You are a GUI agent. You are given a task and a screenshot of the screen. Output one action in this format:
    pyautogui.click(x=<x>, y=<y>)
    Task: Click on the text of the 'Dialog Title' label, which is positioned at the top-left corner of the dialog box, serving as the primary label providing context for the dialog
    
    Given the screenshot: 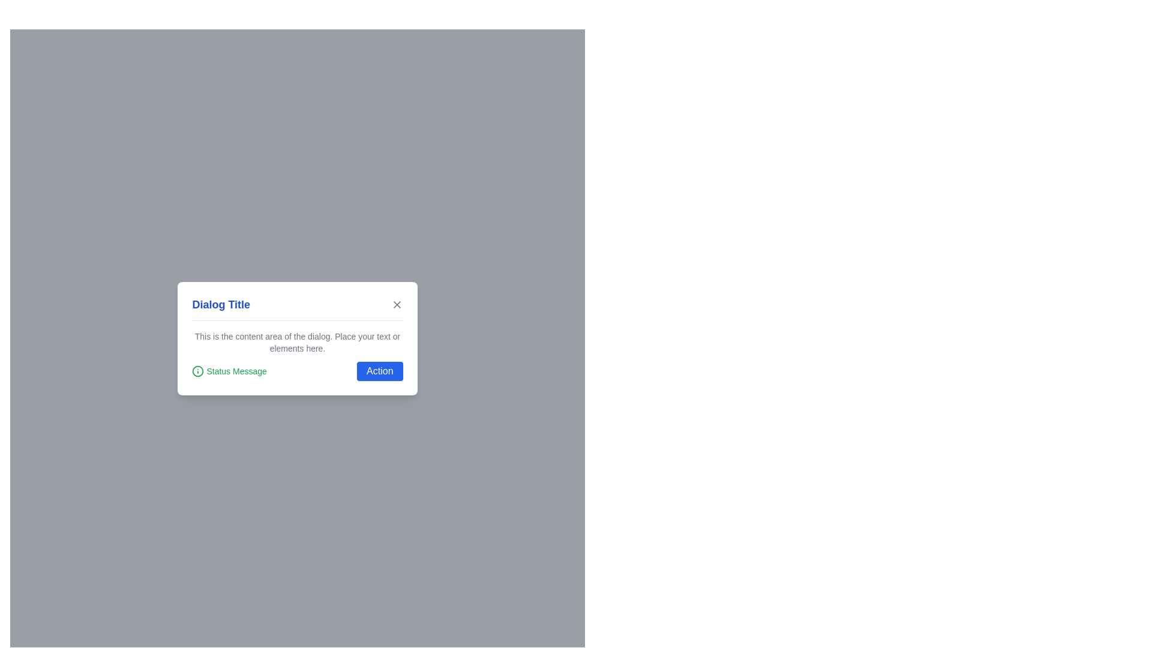 What is the action you would take?
    pyautogui.click(x=221, y=304)
    